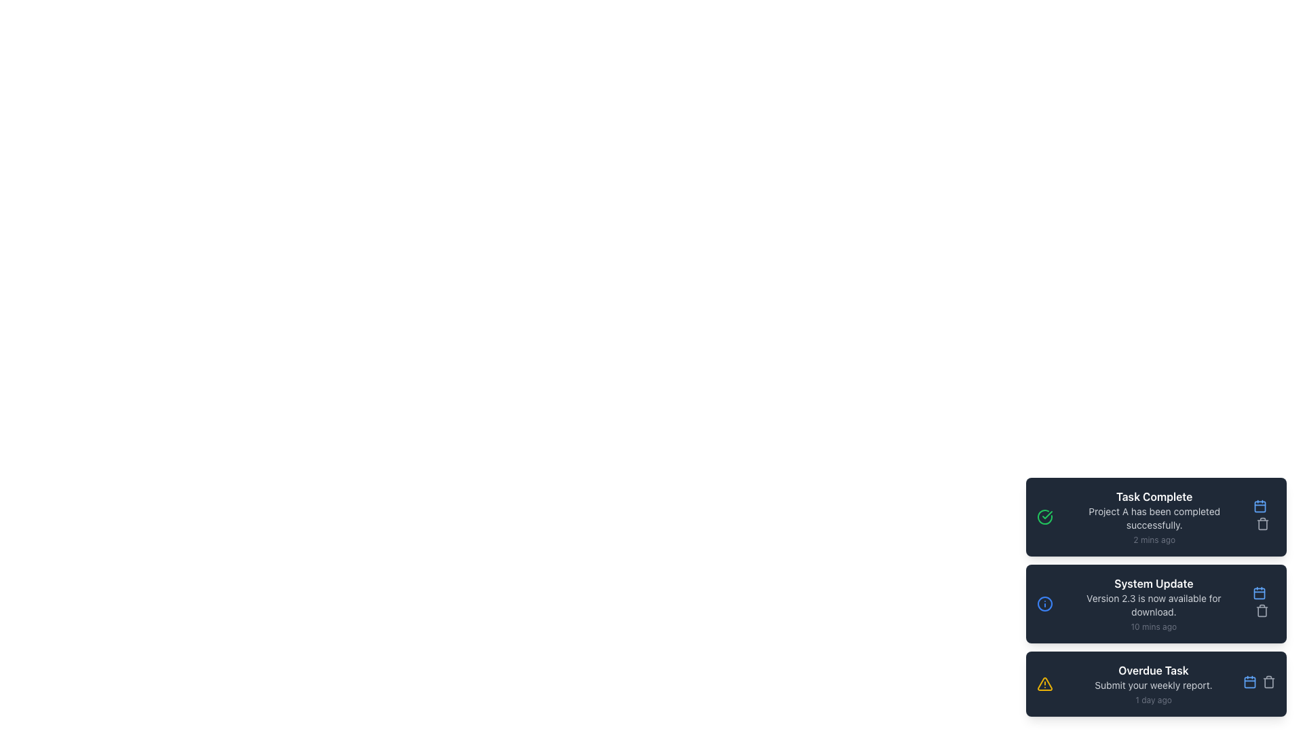  What do you see at coordinates (1152, 685) in the screenshot?
I see `the text label element that reads 'Submit your weekly report.' which is centrally positioned within the third notification card, below the 'Overdue Task' title` at bounding box center [1152, 685].